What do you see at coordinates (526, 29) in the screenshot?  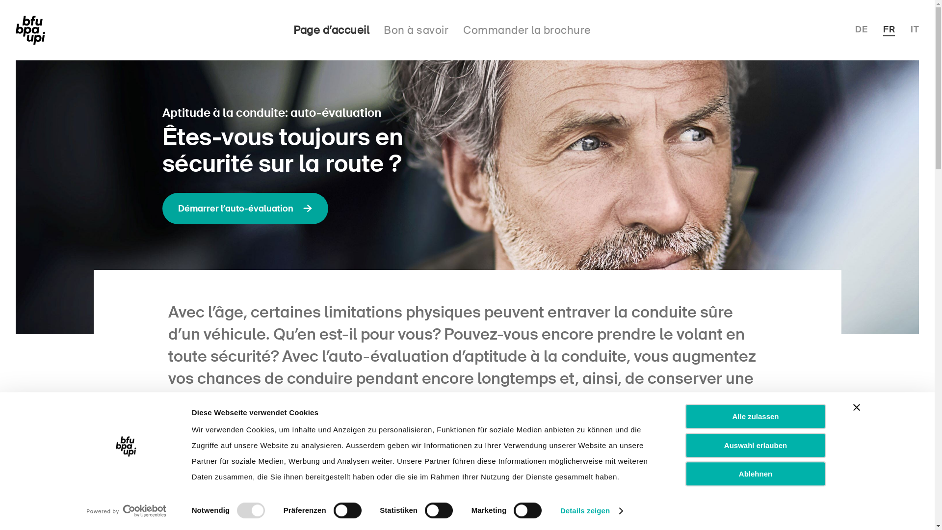 I see `'Commander la brochure'` at bounding box center [526, 29].